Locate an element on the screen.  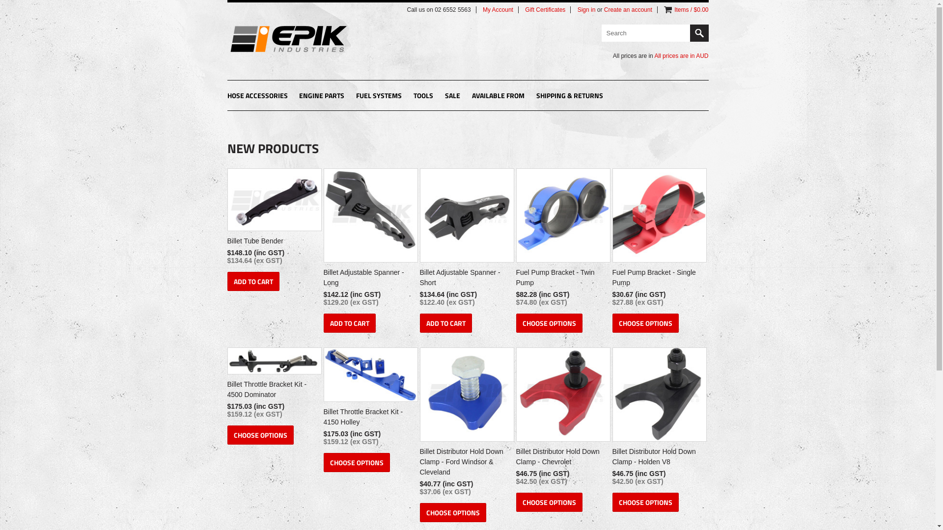
'Create an account' is located at coordinates (603, 9).